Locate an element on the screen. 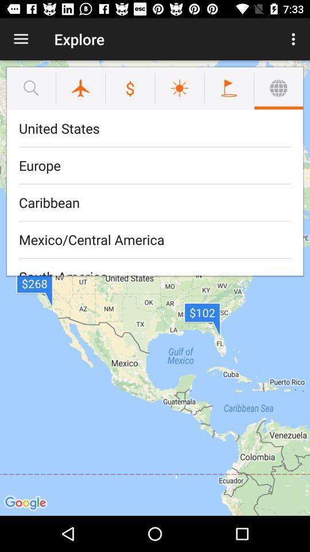 The height and width of the screenshot is (552, 310). the icon next to the explore icon is located at coordinates (294, 39).